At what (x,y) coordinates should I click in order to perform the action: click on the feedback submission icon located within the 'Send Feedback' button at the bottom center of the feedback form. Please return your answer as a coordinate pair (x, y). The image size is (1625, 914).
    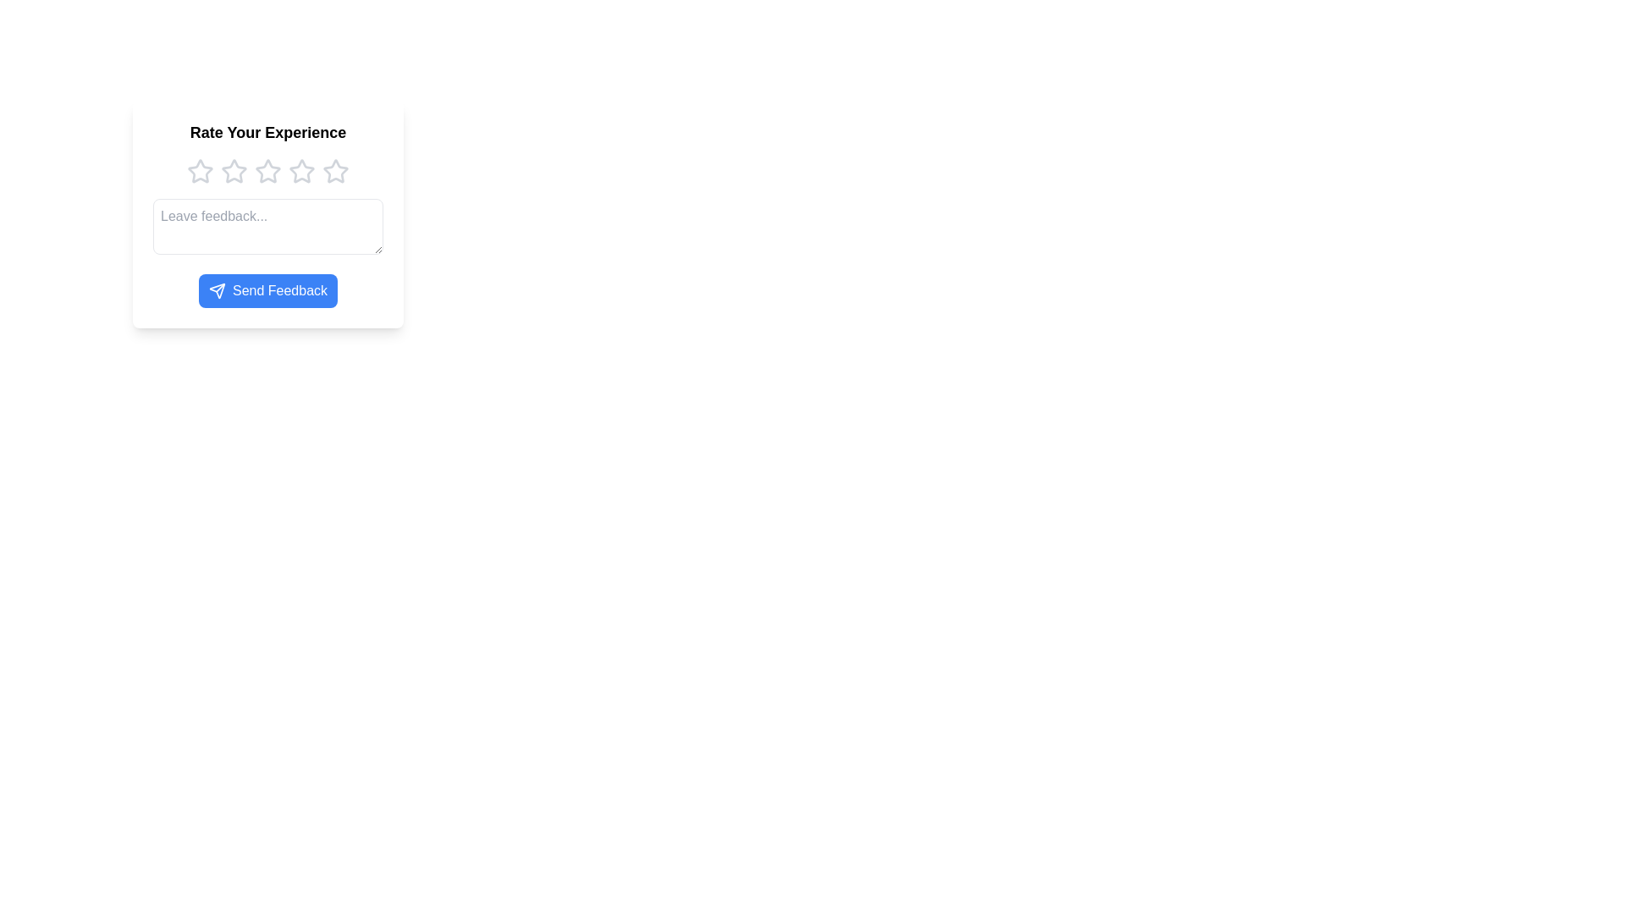
    Looking at the image, I should click on (216, 289).